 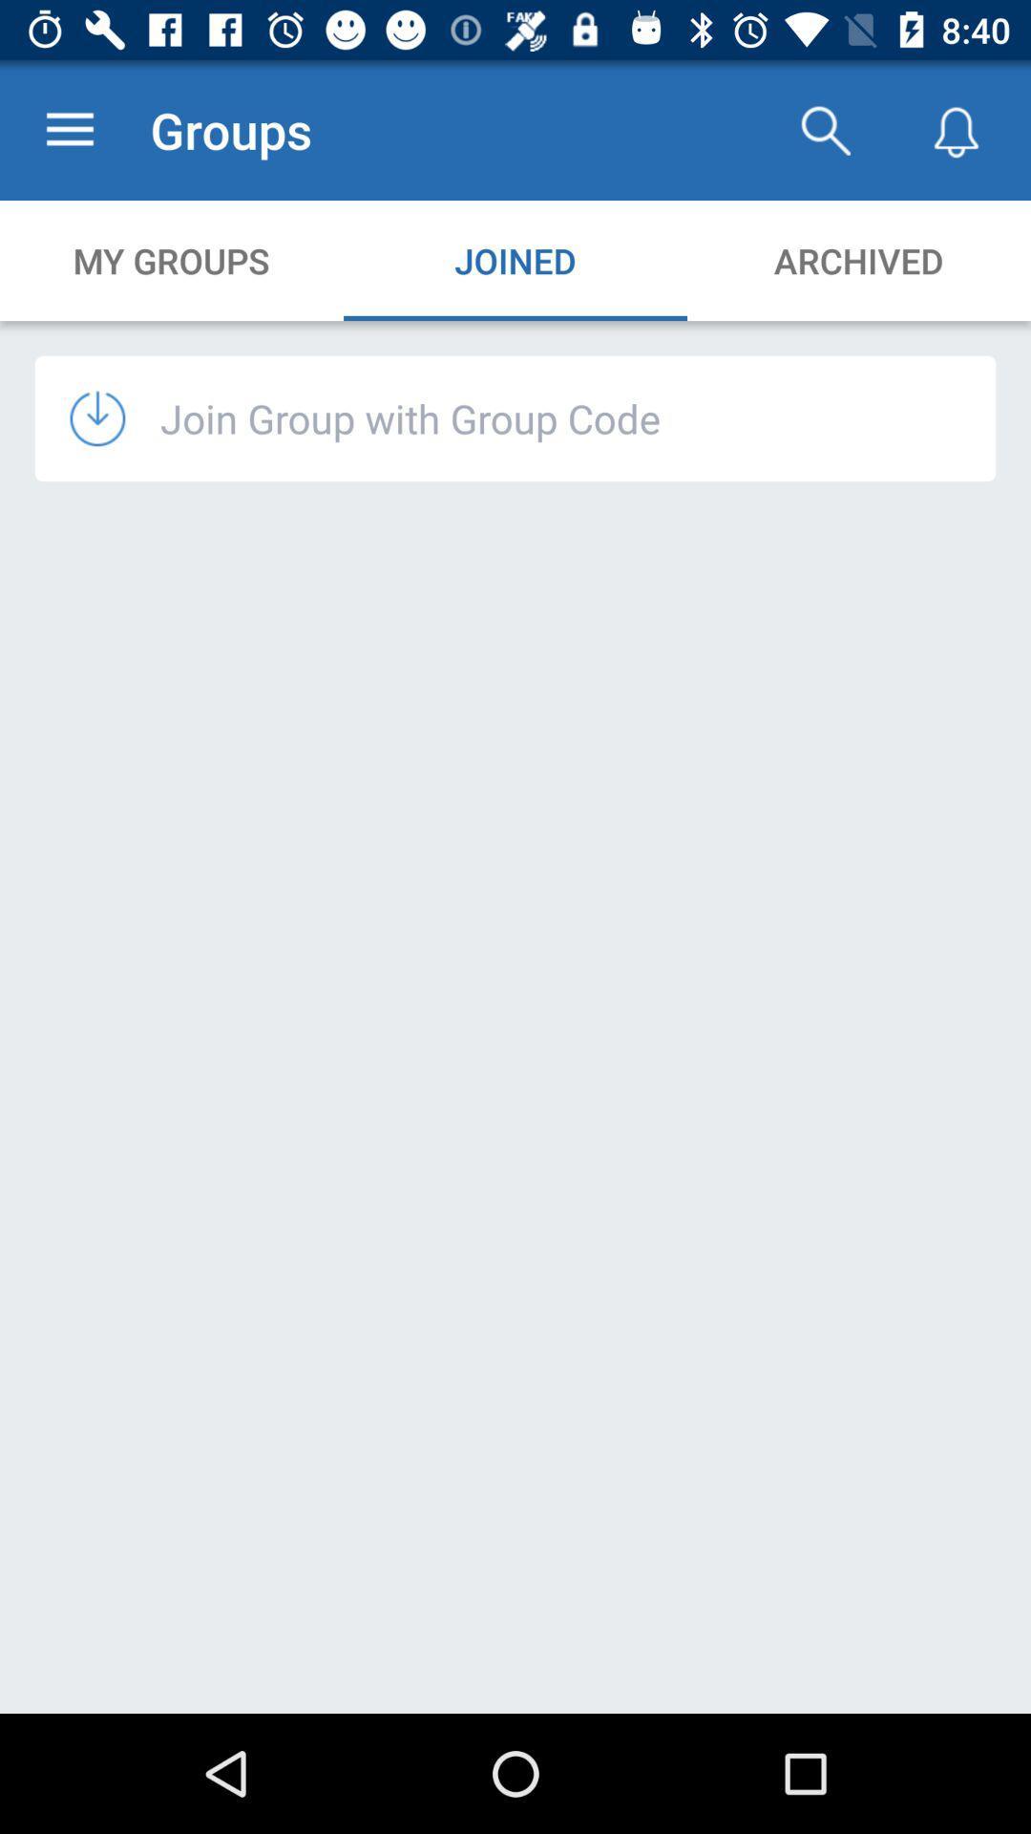 I want to click on the join group with, so click(x=410, y=416).